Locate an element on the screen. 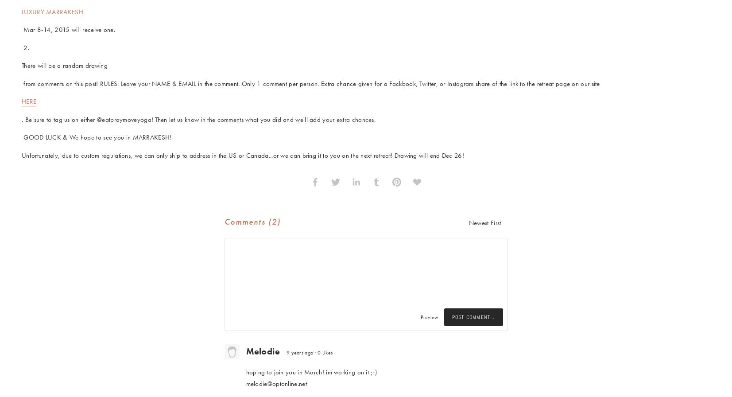 The height and width of the screenshot is (397, 732). 'Newest First' is located at coordinates (484, 223).